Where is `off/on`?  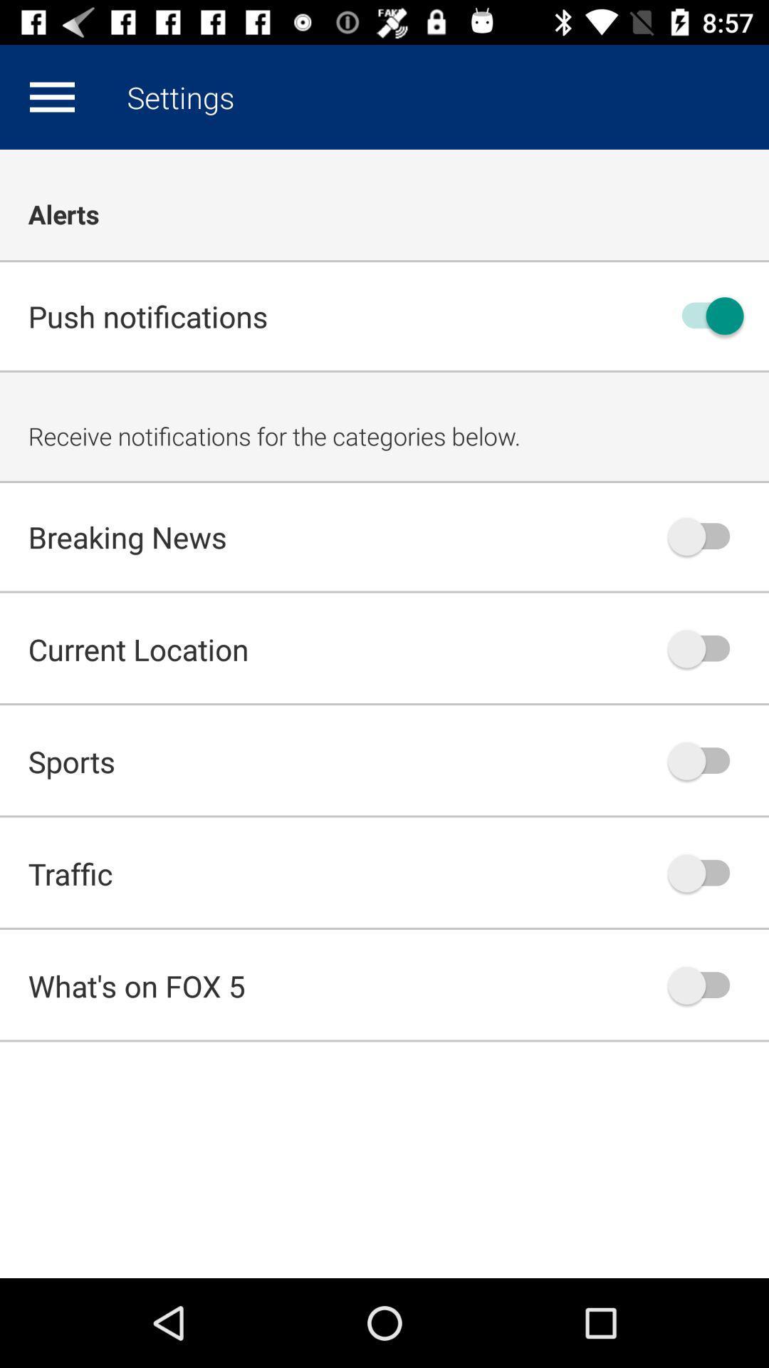
off/on is located at coordinates (706, 985).